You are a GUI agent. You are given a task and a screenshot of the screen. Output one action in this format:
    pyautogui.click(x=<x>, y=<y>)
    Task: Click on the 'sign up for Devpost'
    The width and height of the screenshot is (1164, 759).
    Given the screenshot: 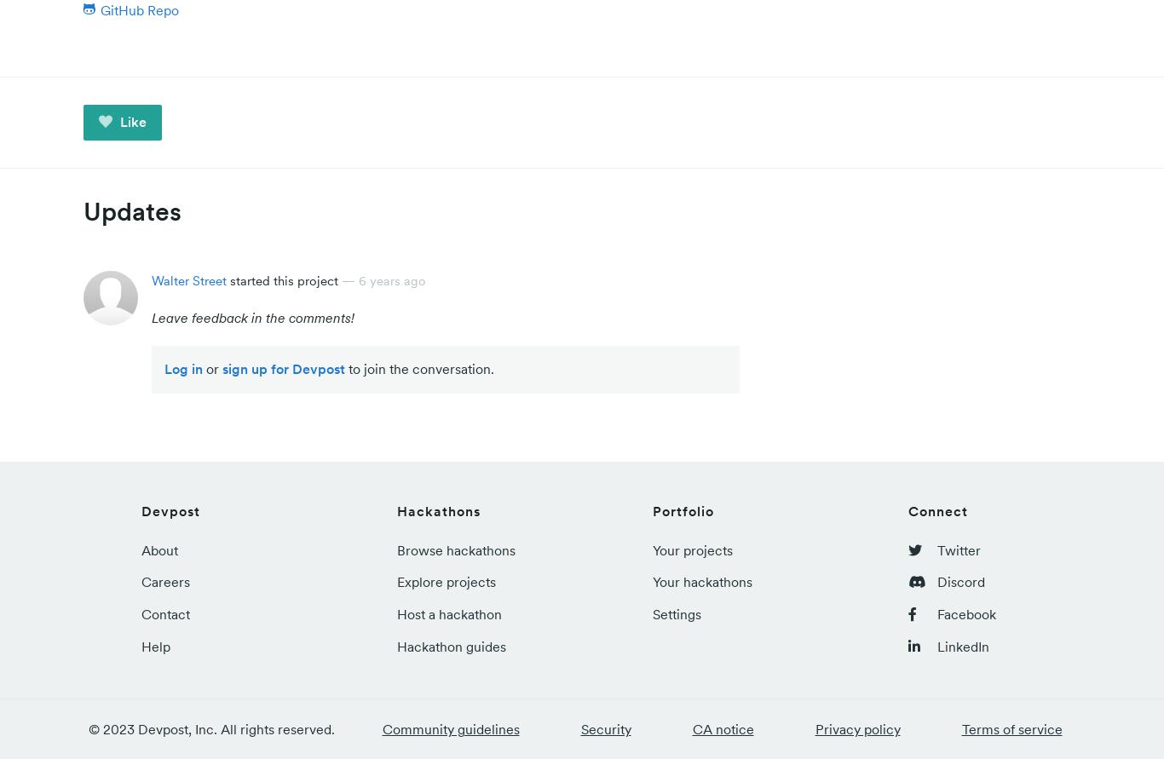 What is the action you would take?
    pyautogui.click(x=284, y=369)
    